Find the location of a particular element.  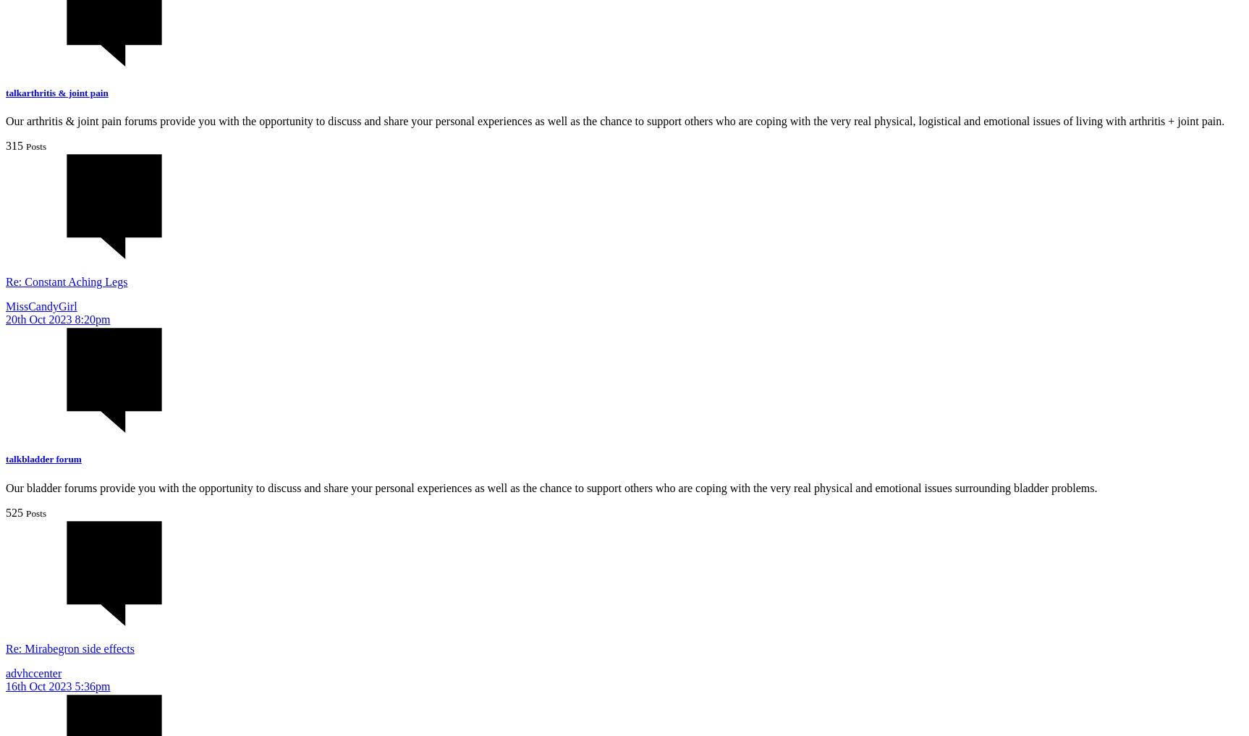

'talkarthritis & joint pain' is located at coordinates (56, 92).